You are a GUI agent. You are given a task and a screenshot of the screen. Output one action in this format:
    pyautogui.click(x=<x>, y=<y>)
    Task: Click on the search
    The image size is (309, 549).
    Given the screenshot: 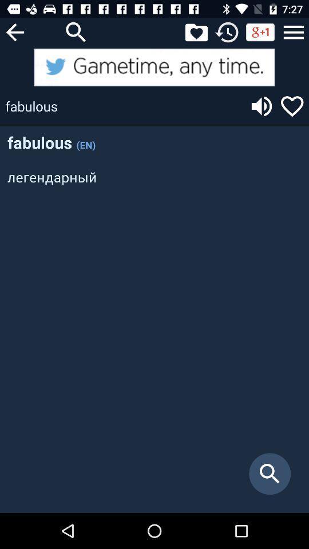 What is the action you would take?
    pyautogui.click(x=76, y=31)
    